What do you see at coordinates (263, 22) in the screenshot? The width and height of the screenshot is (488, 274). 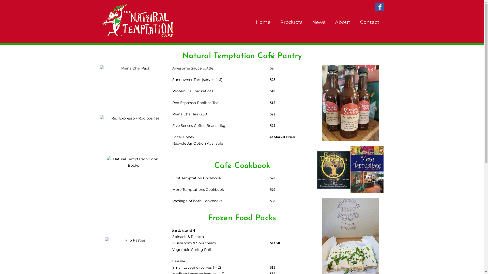 I see `'Home'` at bounding box center [263, 22].